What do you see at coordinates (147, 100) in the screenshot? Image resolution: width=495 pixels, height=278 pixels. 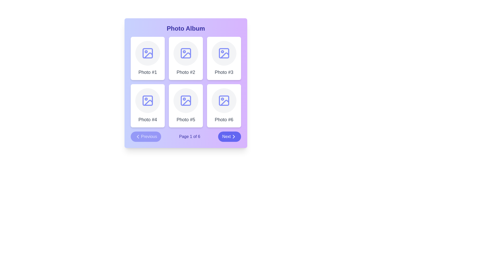 I see `the compact SVG icon representing a placeholder image located in the 'Photo #4' slot of the photo grid titled 'Photo Album'` at bounding box center [147, 100].